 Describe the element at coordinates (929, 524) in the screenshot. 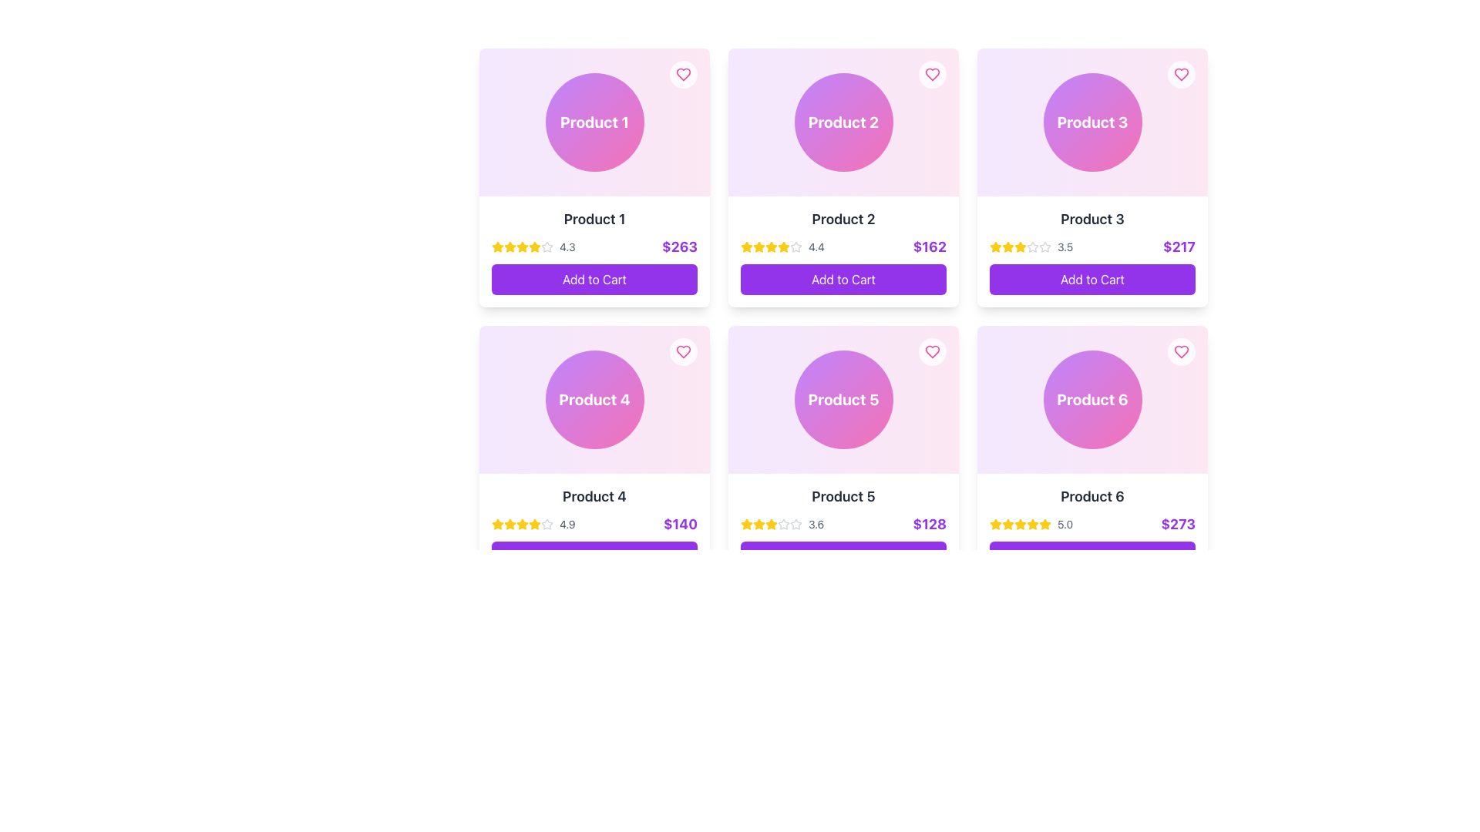

I see `the price text label located in the bottom-right corner of the card labeled 'Product 5' in the grid layout` at that location.